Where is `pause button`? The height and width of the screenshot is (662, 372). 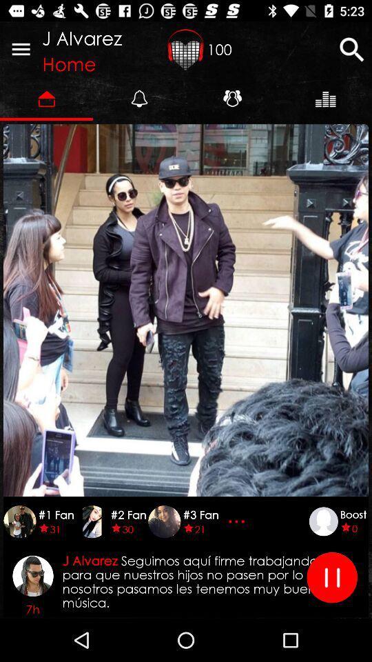 pause button is located at coordinates (331, 577).